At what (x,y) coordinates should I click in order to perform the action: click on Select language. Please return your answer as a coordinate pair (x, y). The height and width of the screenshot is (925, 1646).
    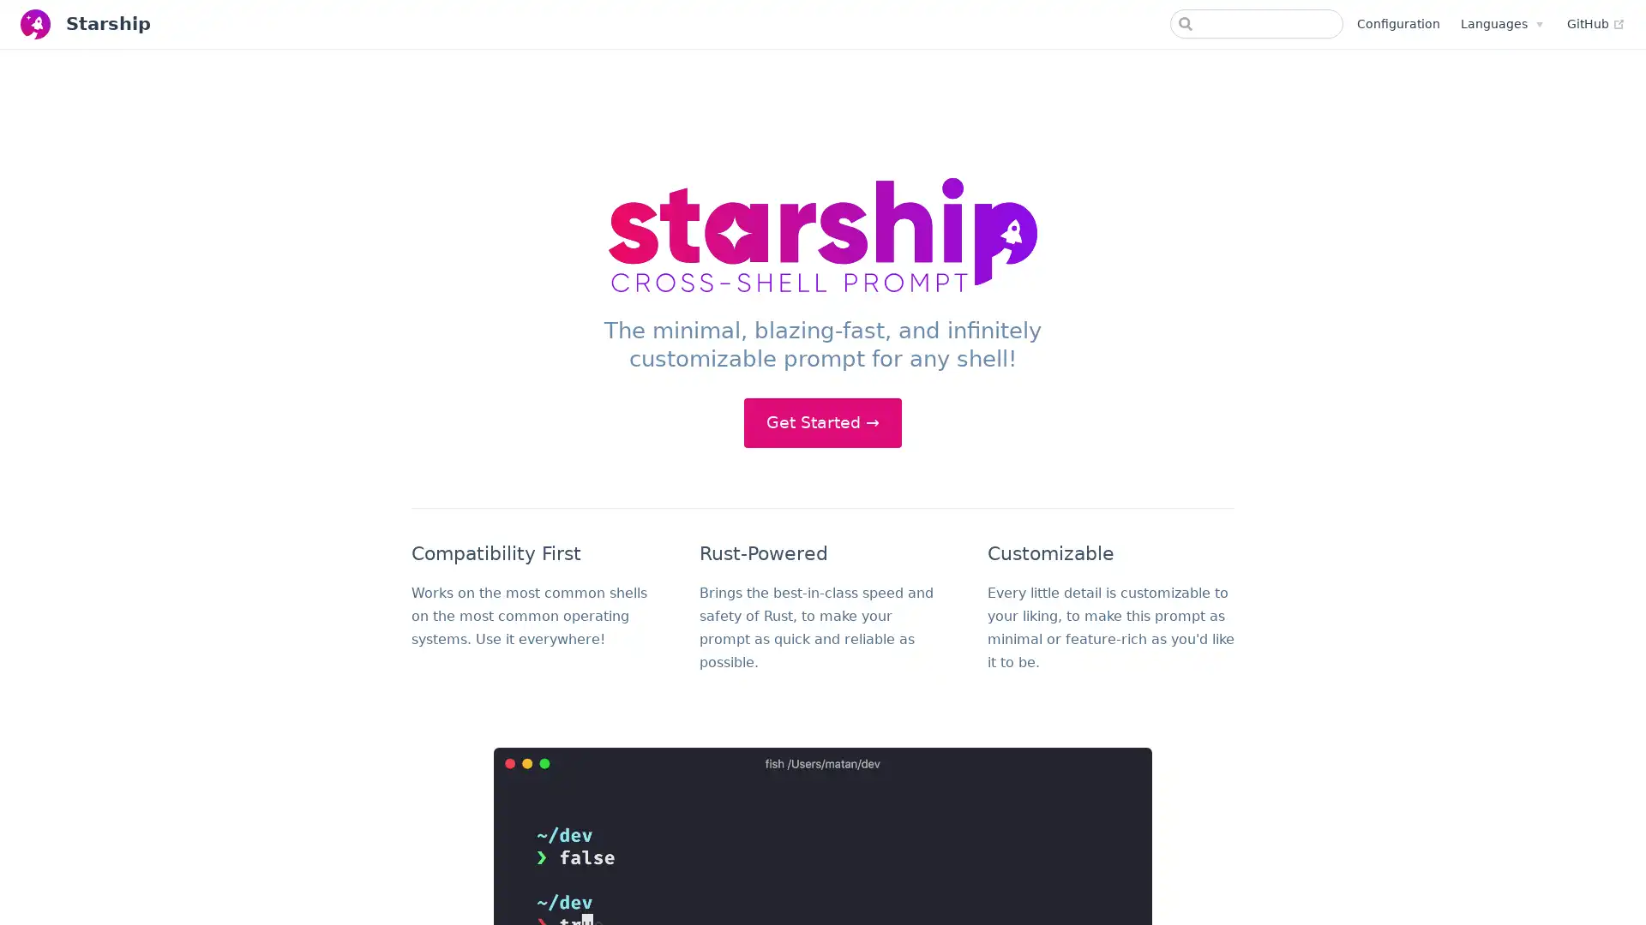
    Looking at the image, I should click on (1500, 23).